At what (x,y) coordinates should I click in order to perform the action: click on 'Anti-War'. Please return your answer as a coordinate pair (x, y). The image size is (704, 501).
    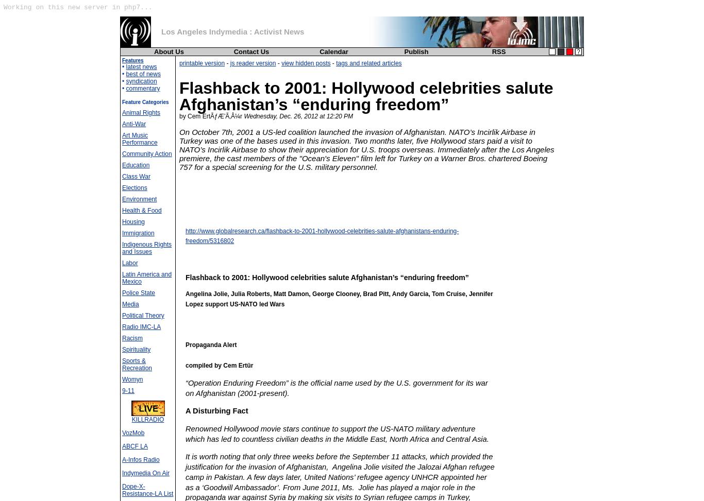
    Looking at the image, I should click on (133, 124).